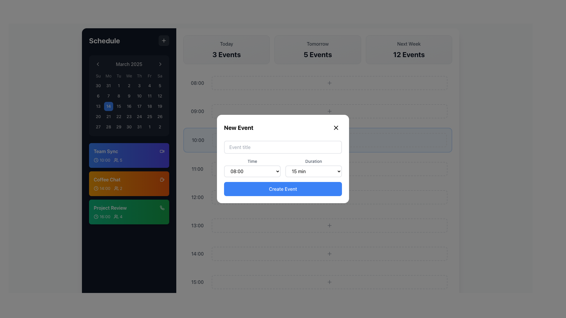 The width and height of the screenshot is (566, 318). I want to click on the 'Coffee Chat' Event Card, which is the second item, so click(129, 183).